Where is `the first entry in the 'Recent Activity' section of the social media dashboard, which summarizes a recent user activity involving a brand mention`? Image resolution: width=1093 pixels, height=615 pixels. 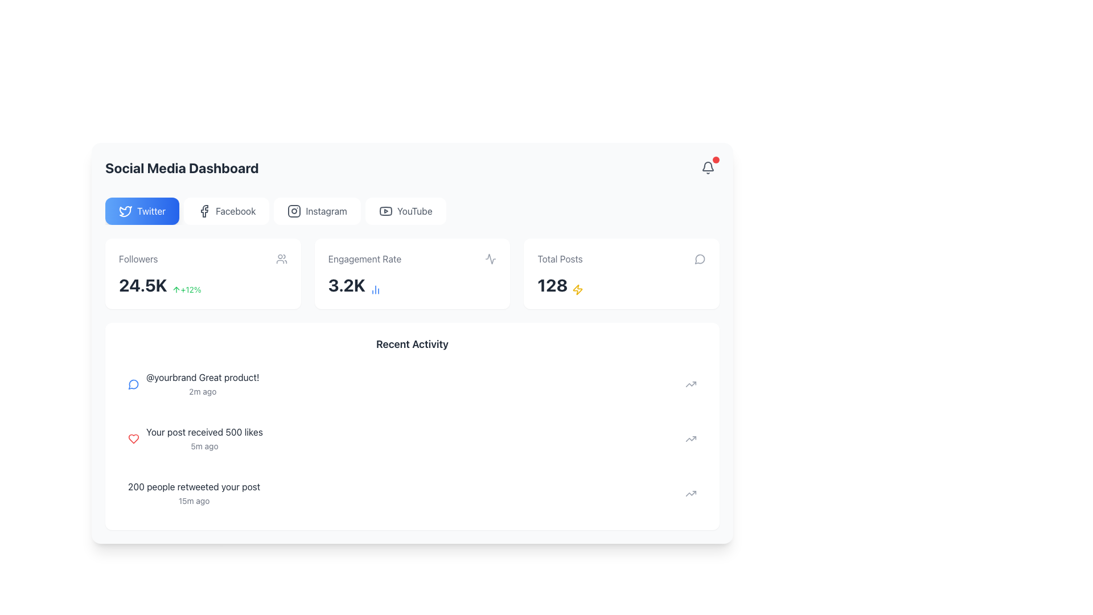
the first entry in the 'Recent Activity' section of the social media dashboard, which summarizes a recent user activity involving a brand mention is located at coordinates (194, 384).